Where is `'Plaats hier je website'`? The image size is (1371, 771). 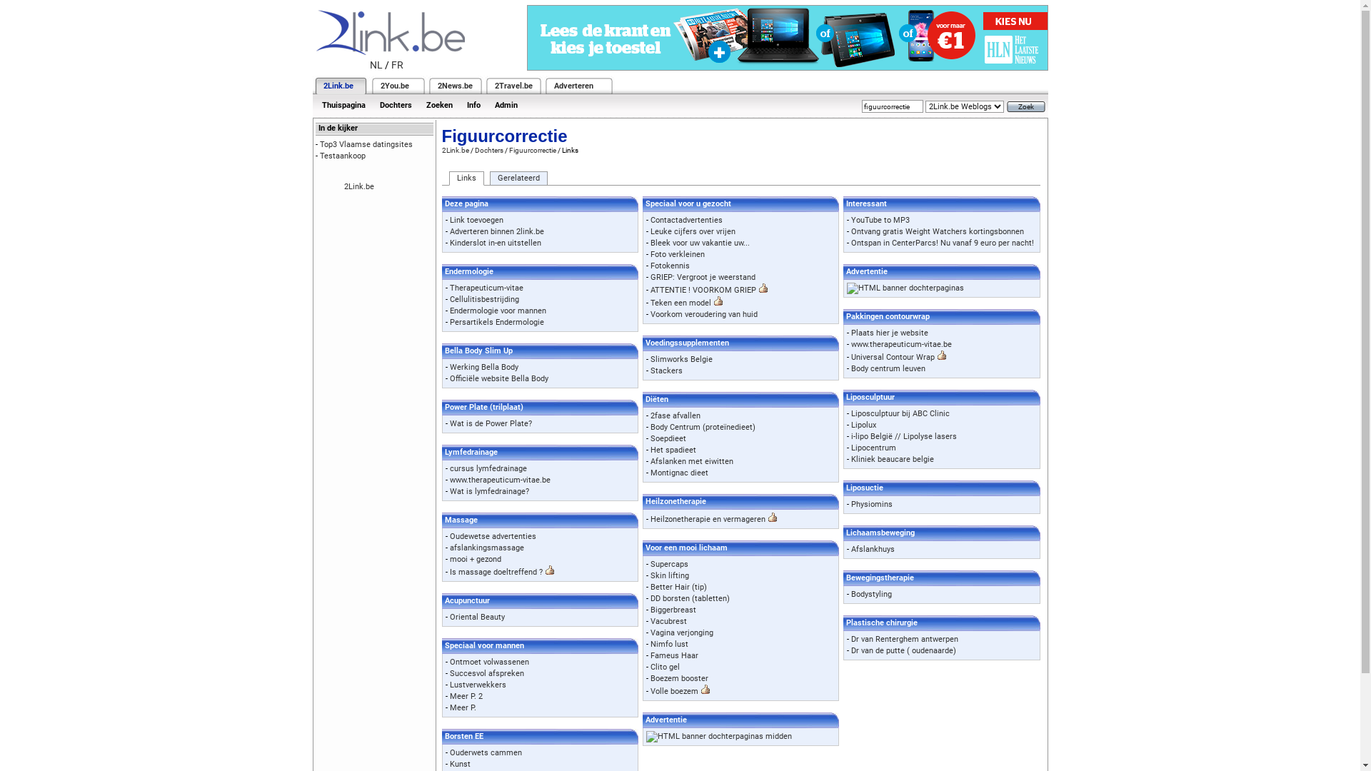
'Plaats hier je website' is located at coordinates (889, 333).